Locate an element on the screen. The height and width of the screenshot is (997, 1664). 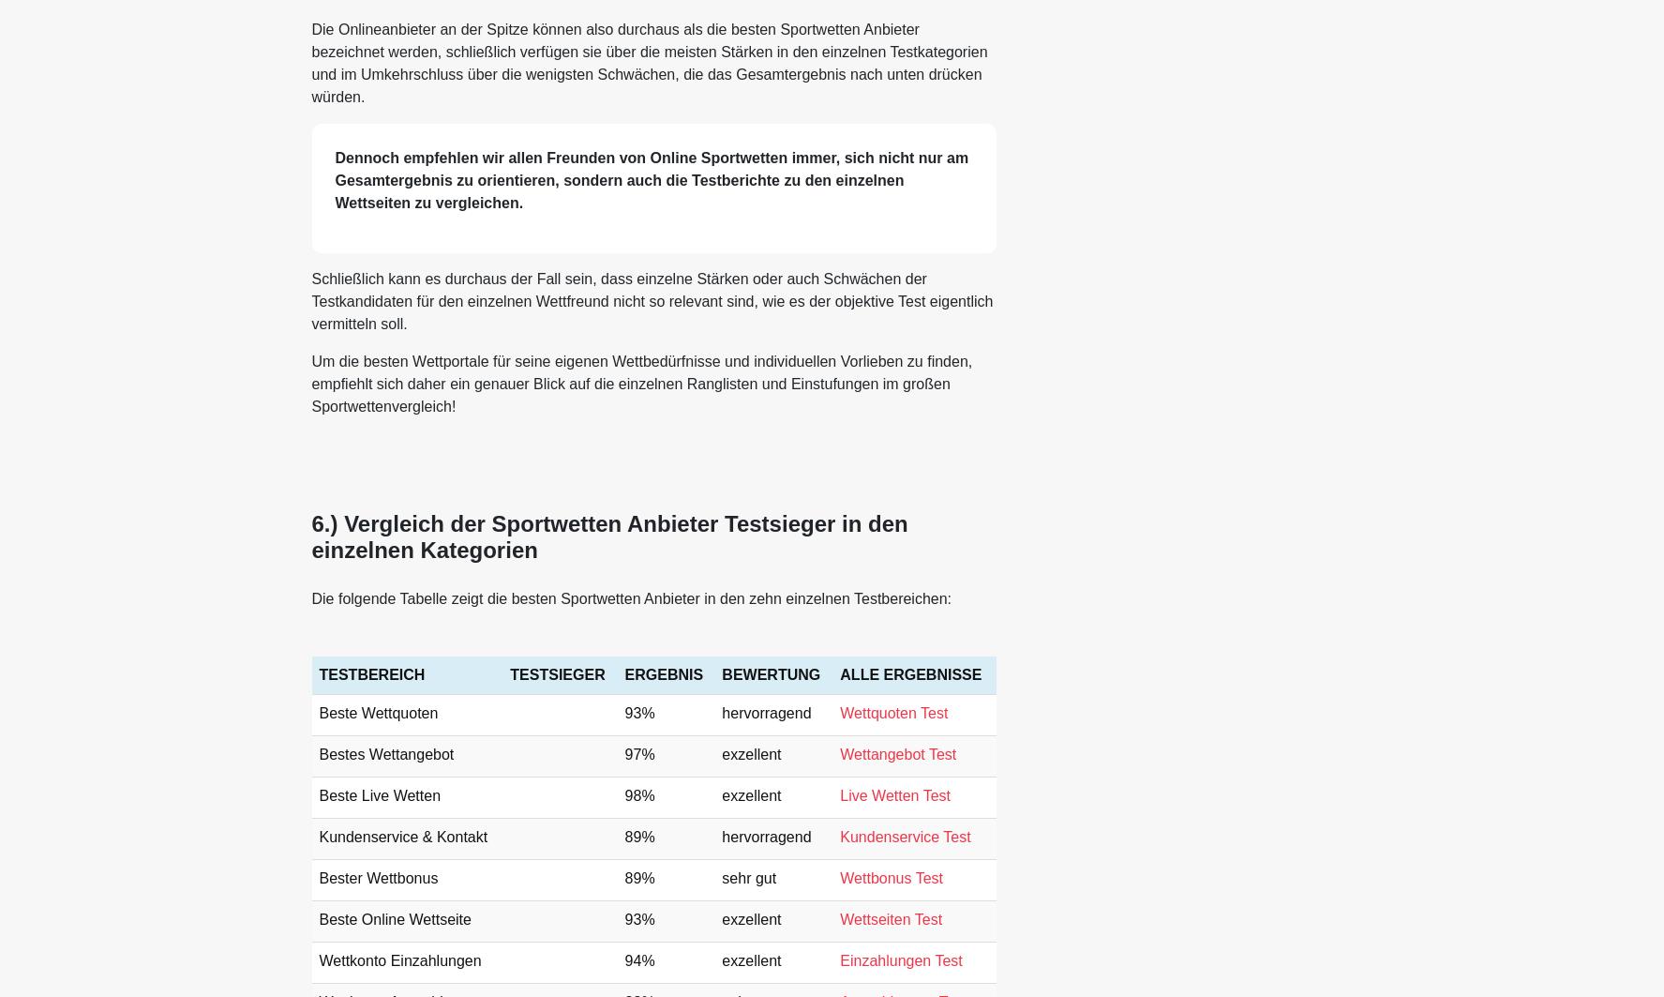
'Wettquoten Test' is located at coordinates (840, 712).